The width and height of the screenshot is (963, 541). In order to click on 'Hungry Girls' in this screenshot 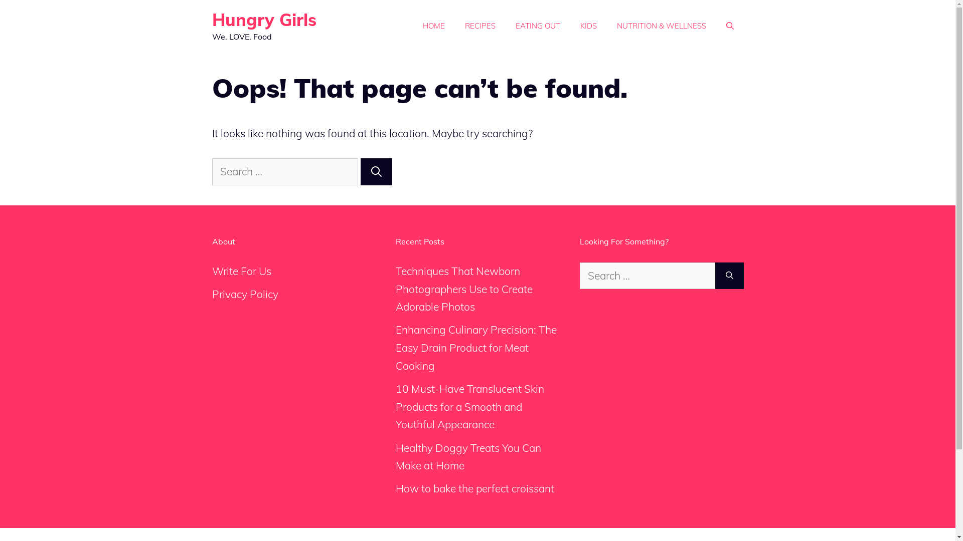, I will do `click(264, 20)`.